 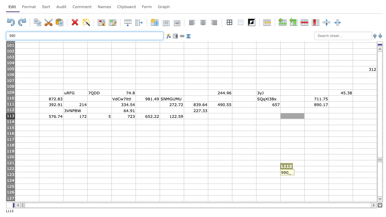 I want to click on N123, so click(x=340, y=175).